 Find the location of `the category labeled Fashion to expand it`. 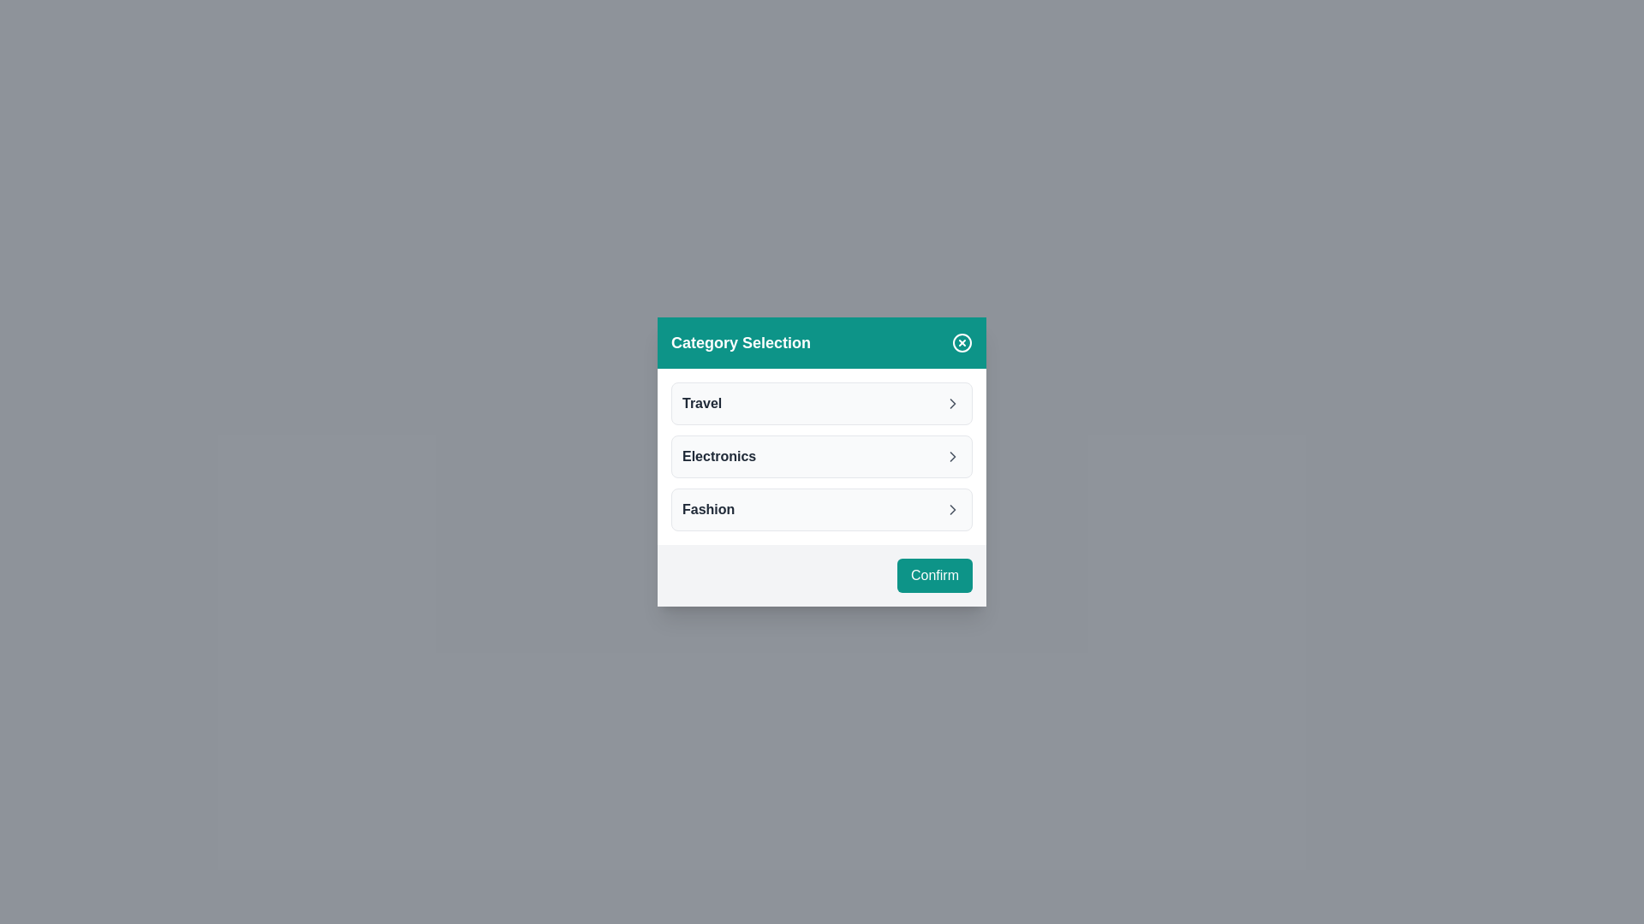

the category labeled Fashion to expand it is located at coordinates (822, 509).